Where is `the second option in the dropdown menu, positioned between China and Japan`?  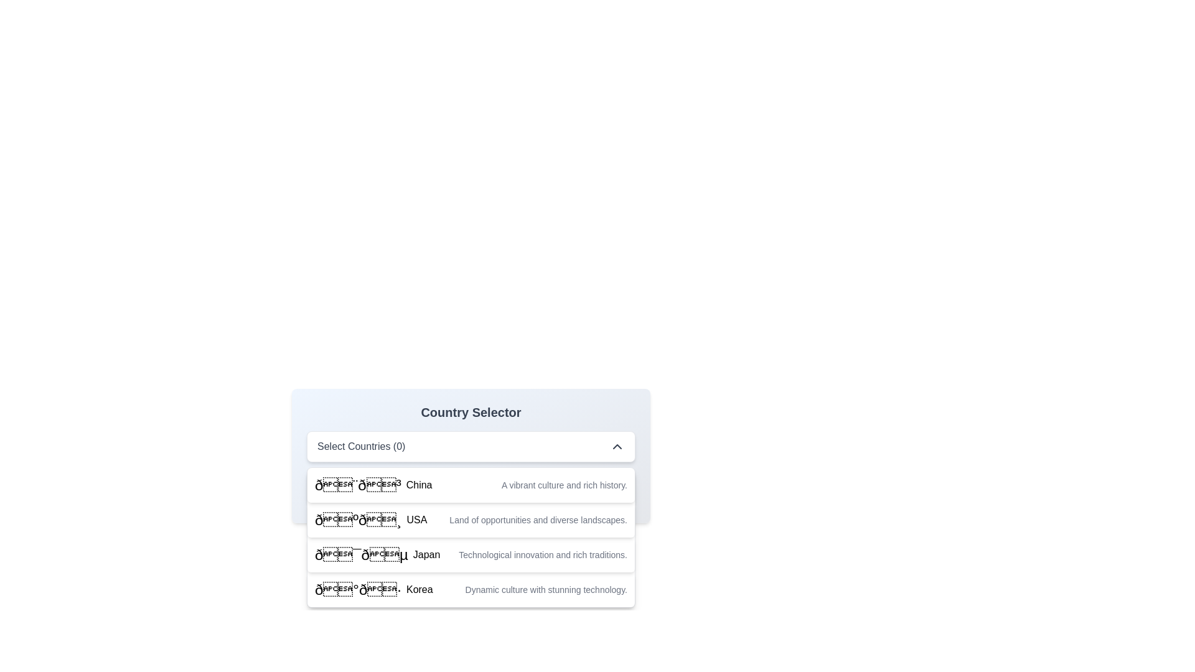
the second option in the dropdown menu, positioned between China and Japan is located at coordinates (471, 520).